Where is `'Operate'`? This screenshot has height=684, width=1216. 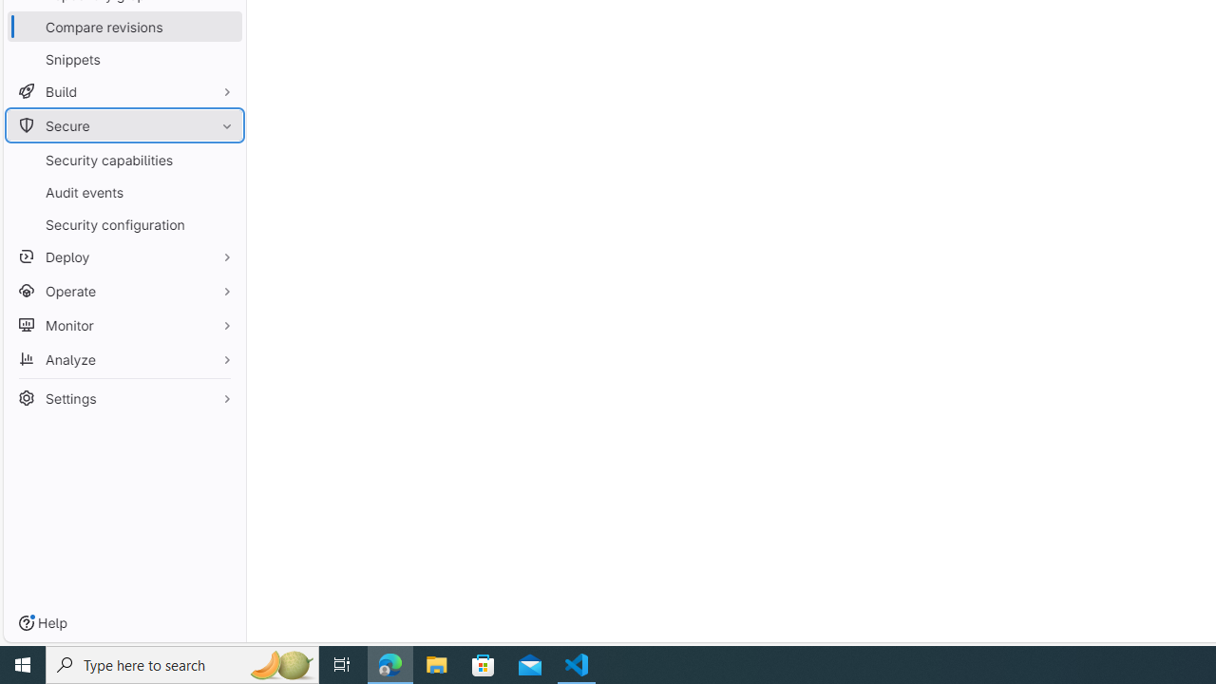
'Operate' is located at coordinates (123, 291).